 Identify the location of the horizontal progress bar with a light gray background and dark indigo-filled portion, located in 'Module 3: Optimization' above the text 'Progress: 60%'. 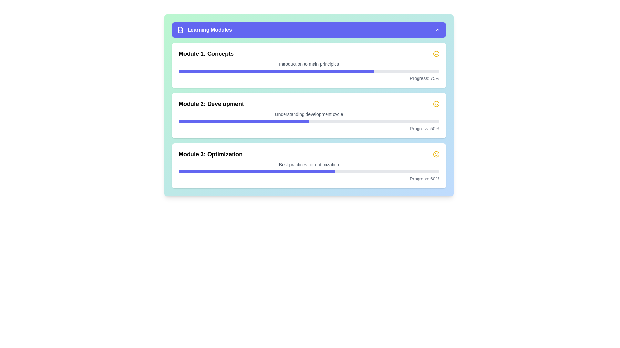
(308, 171).